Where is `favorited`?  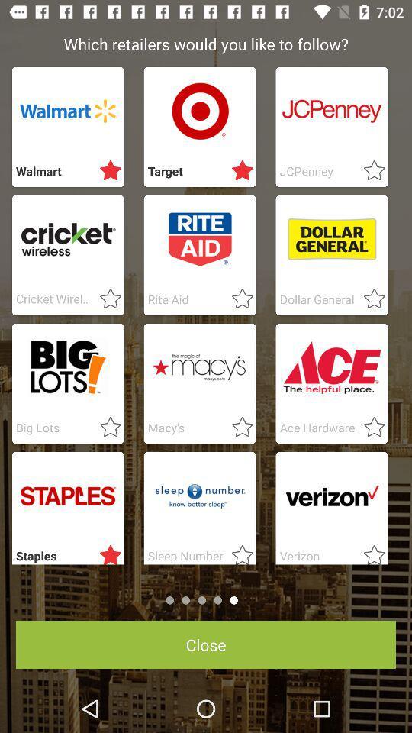 favorited is located at coordinates (238, 551).